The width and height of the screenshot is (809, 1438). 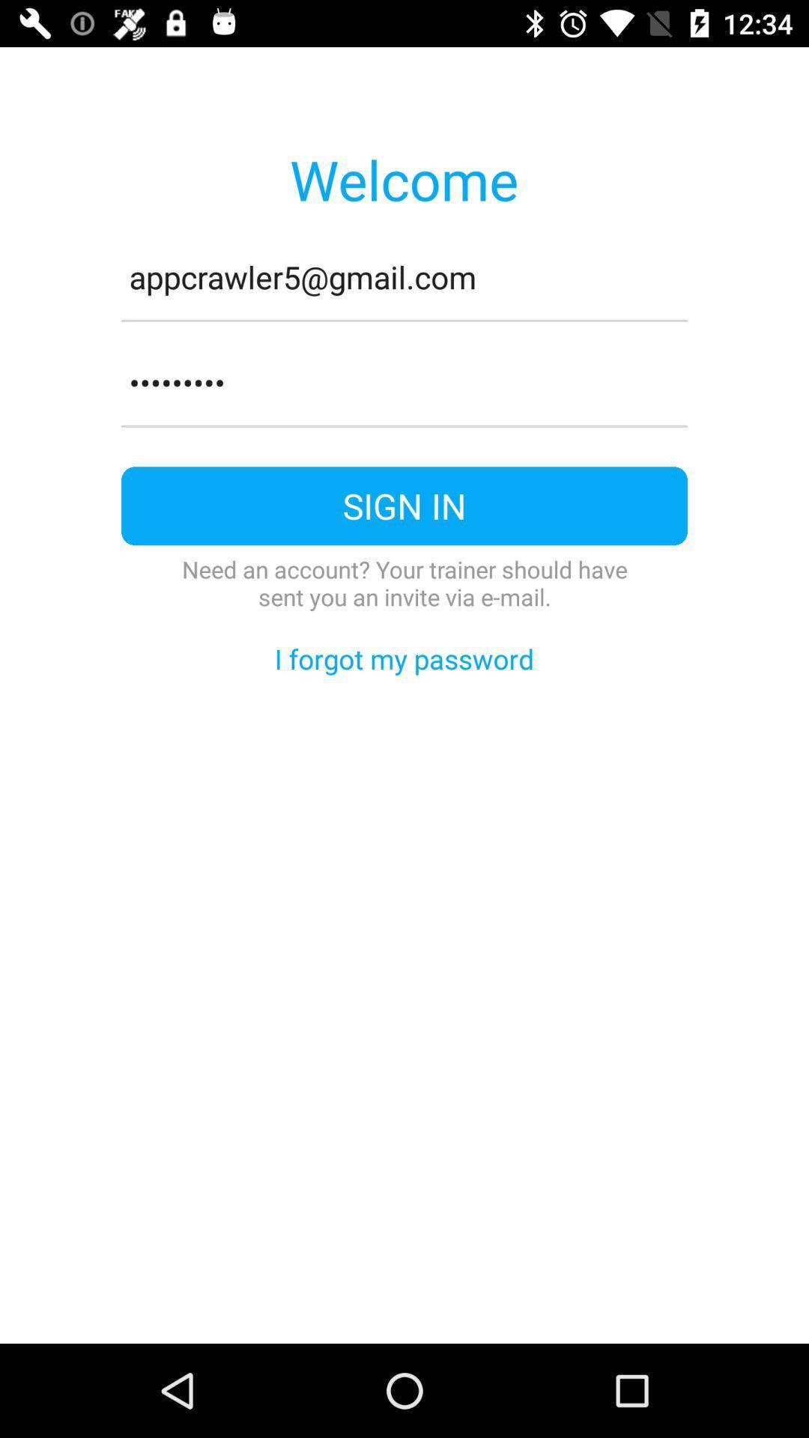 What do you see at coordinates (404, 506) in the screenshot?
I see `sign in item` at bounding box center [404, 506].